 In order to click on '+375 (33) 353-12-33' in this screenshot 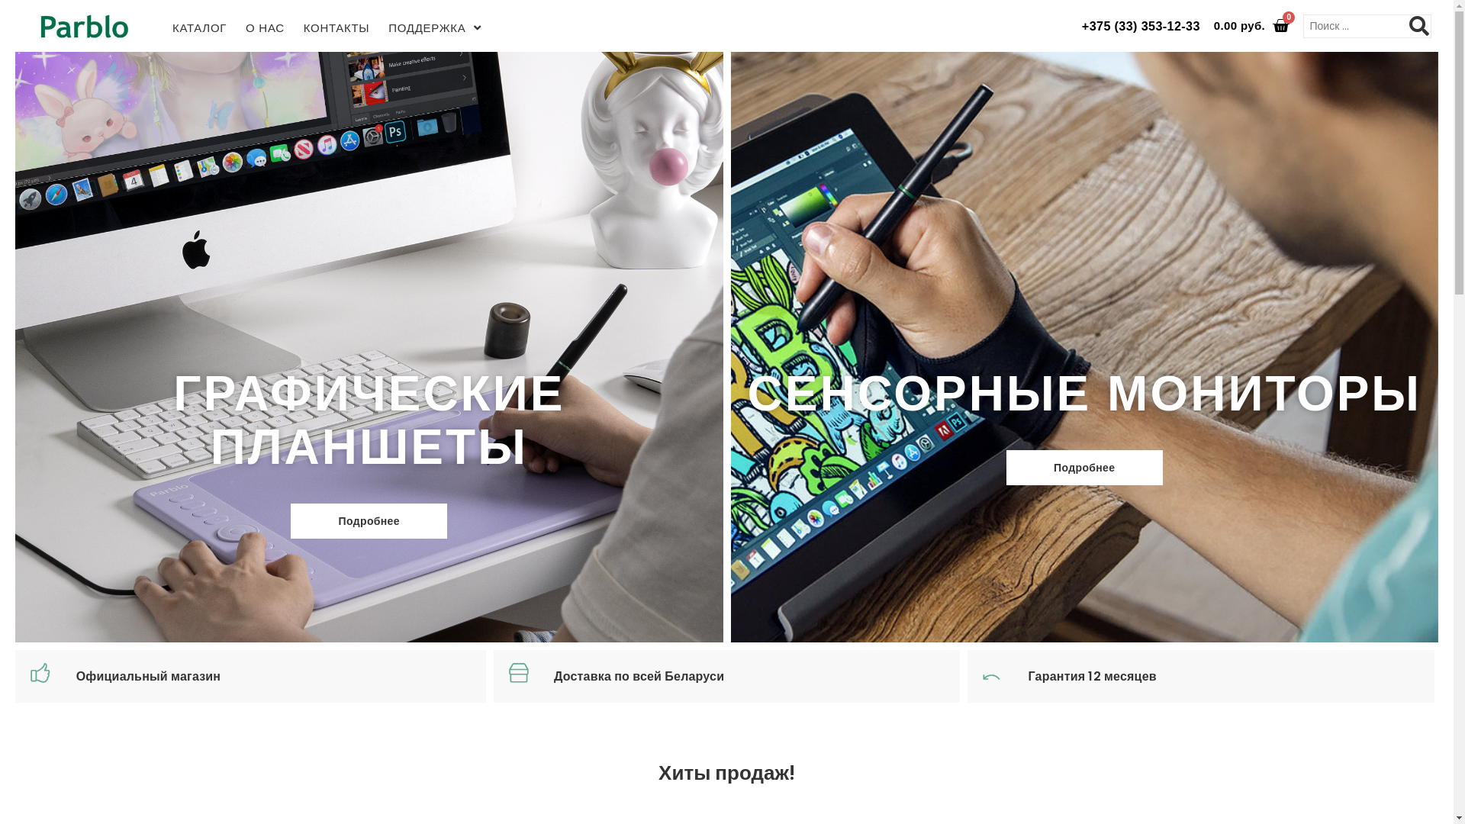, I will do `click(1141, 26)`.